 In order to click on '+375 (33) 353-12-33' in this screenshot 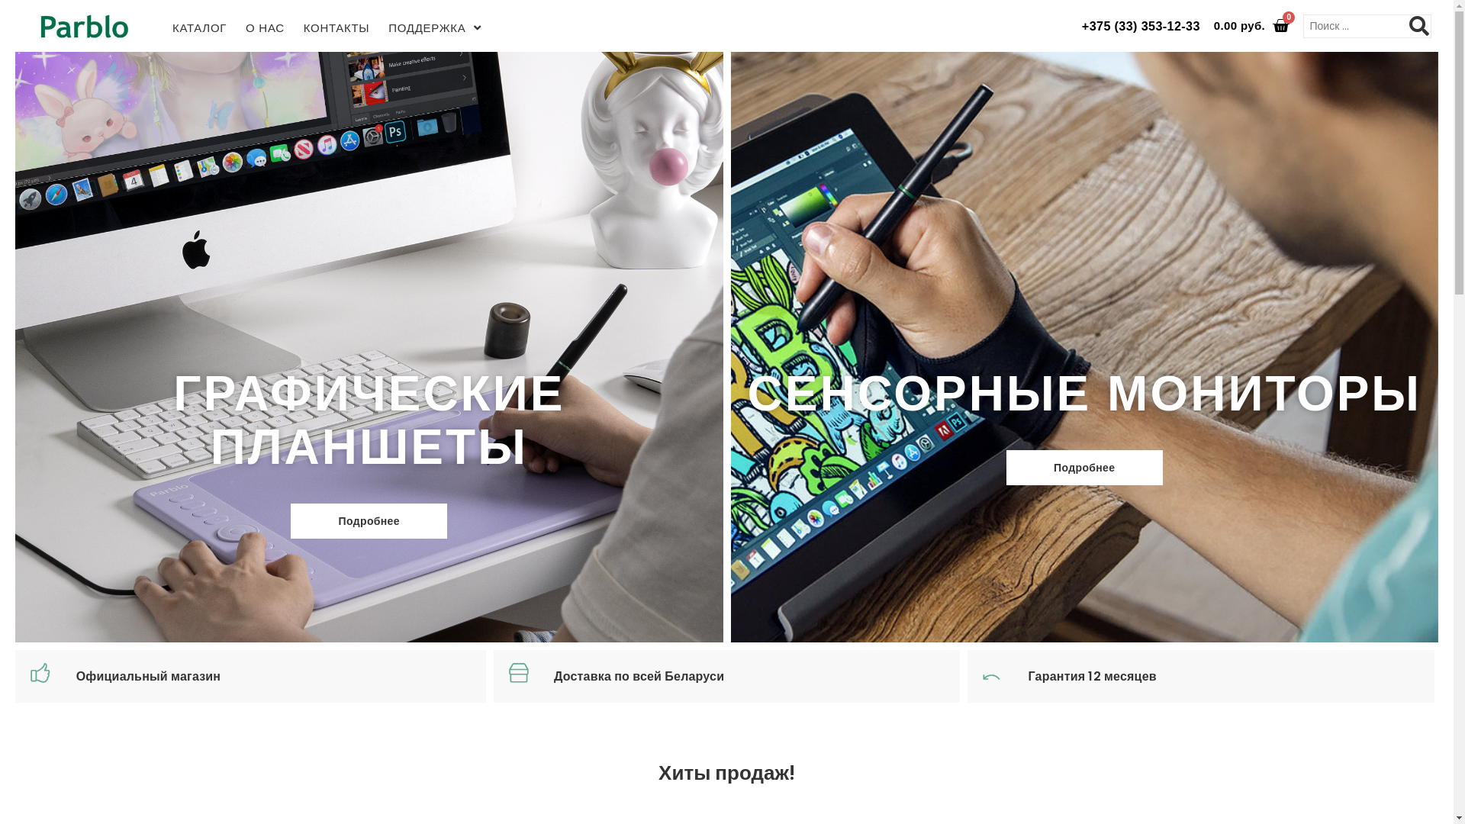, I will do `click(1141, 26)`.